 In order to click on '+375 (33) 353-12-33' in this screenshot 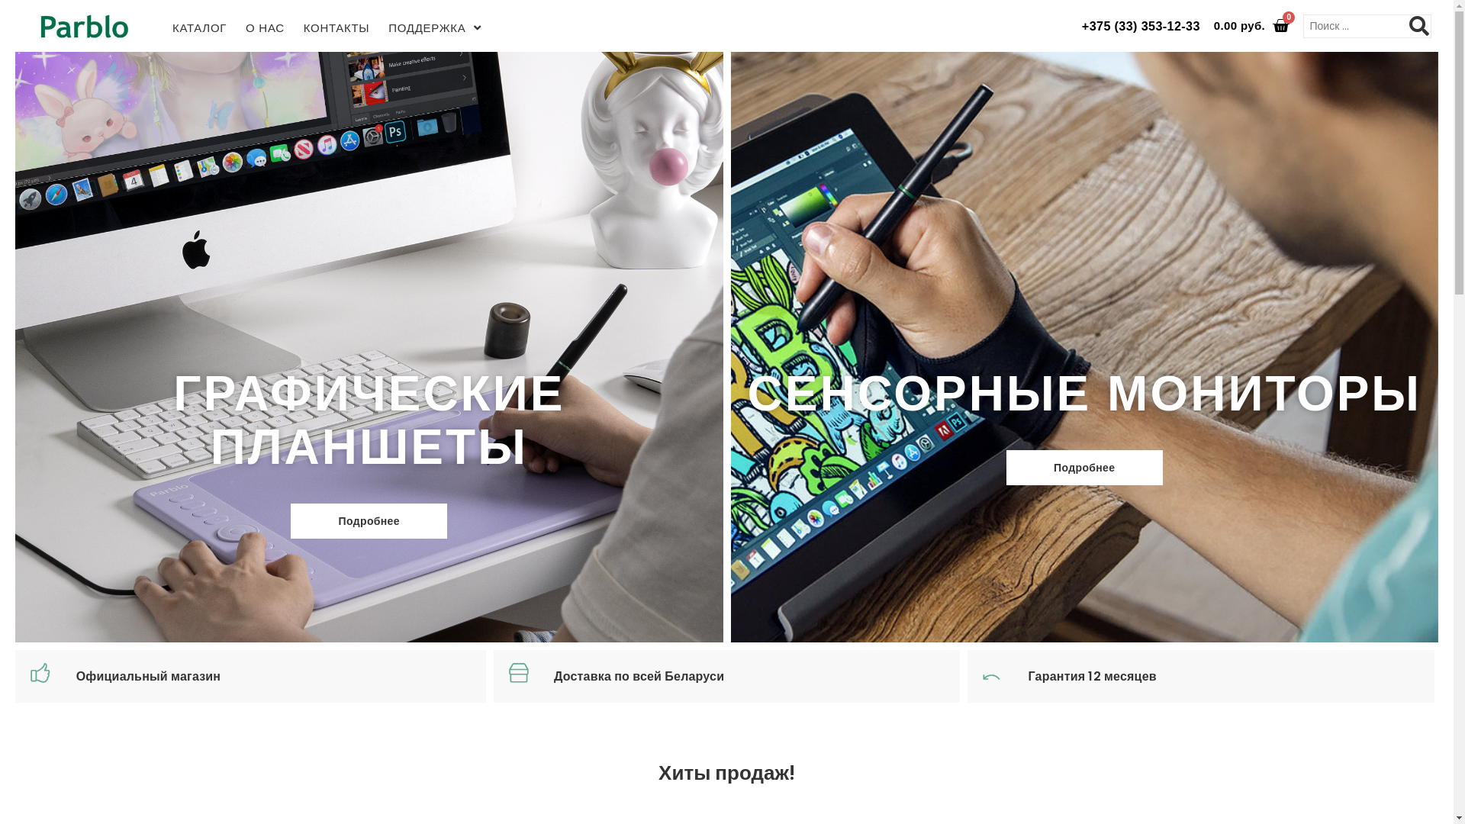, I will do `click(1141, 26)`.